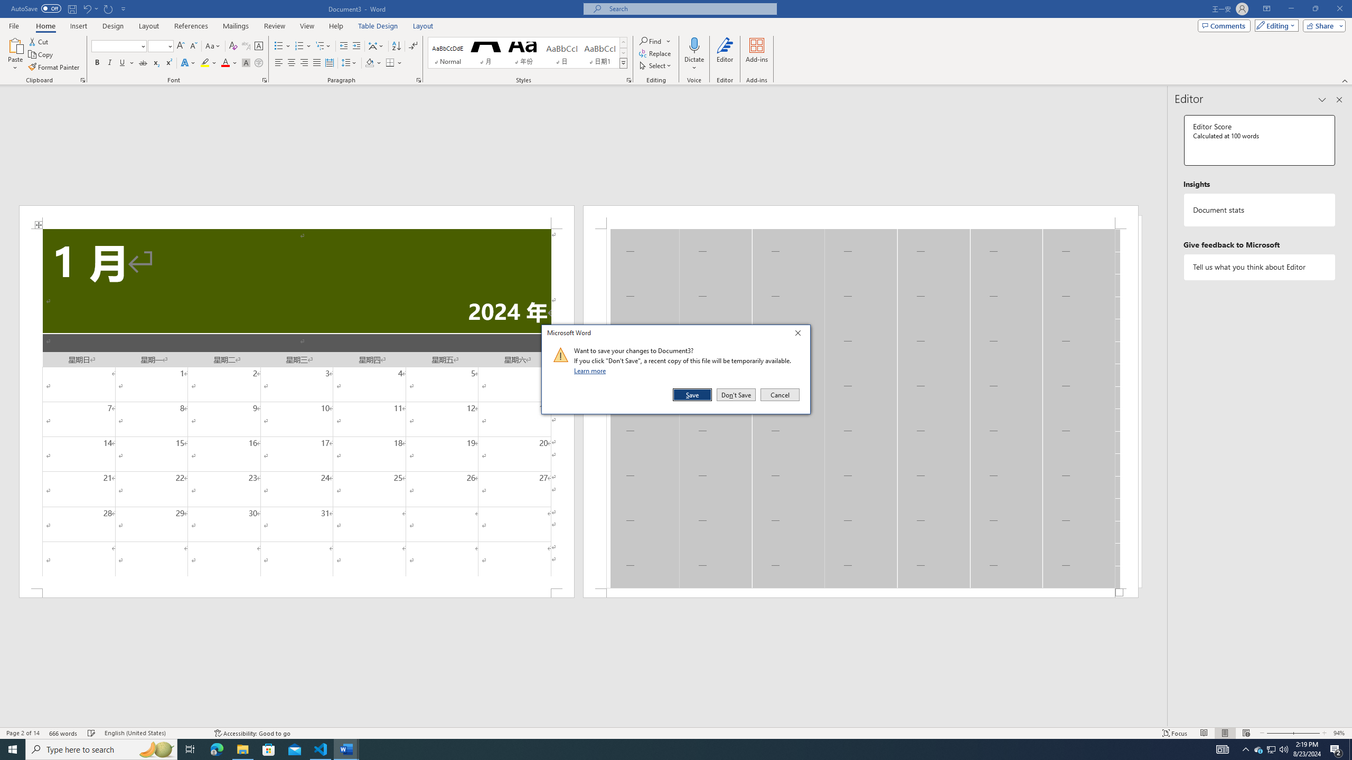 The width and height of the screenshot is (1352, 760). I want to click on 'Font Size', so click(160, 46).